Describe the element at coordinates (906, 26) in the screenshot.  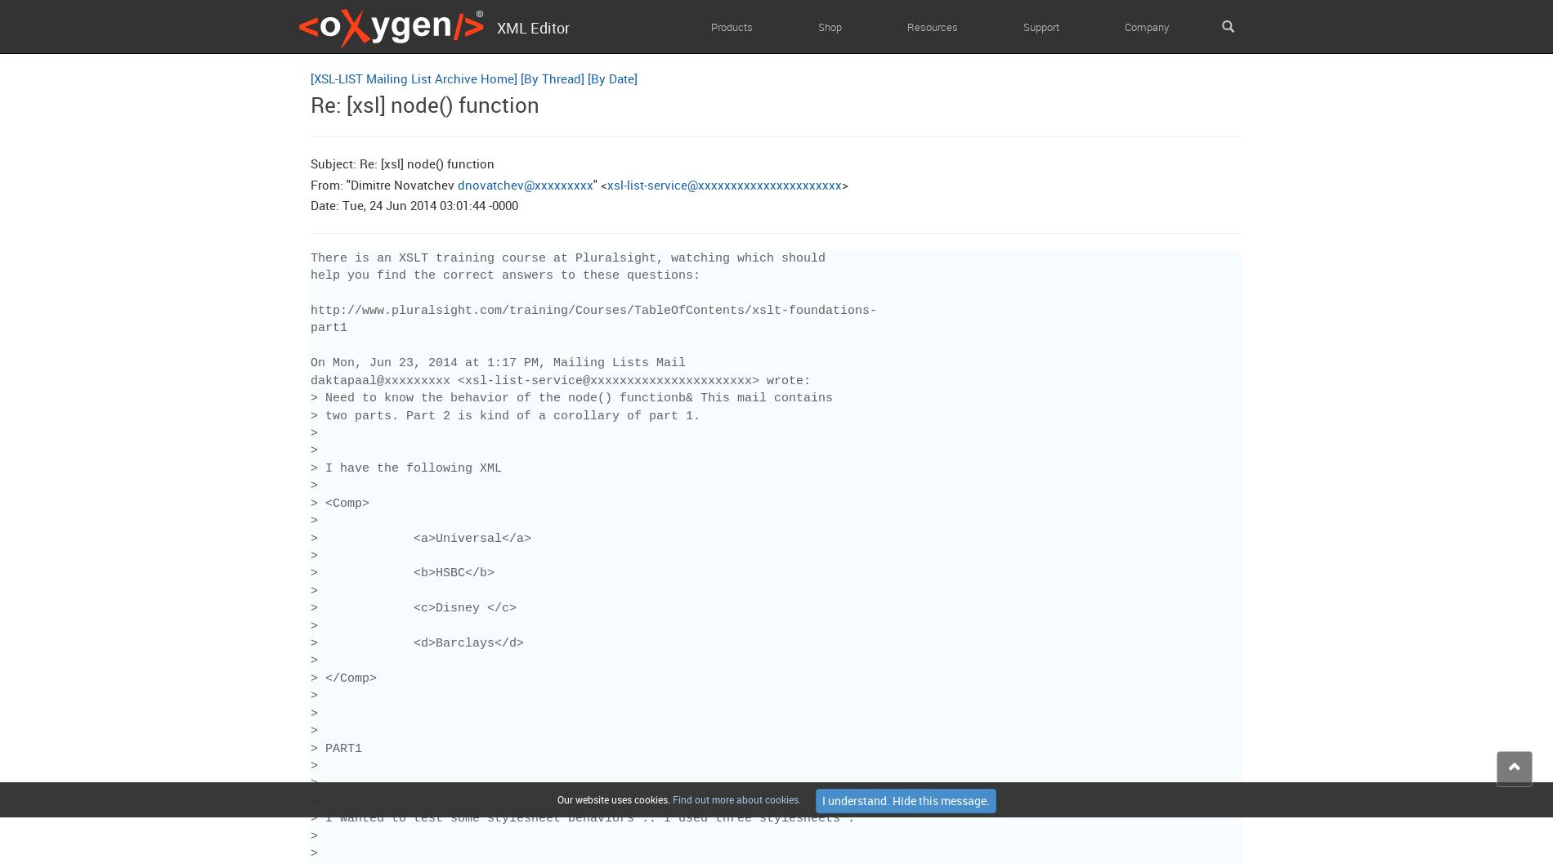
I see `'Resources'` at that location.